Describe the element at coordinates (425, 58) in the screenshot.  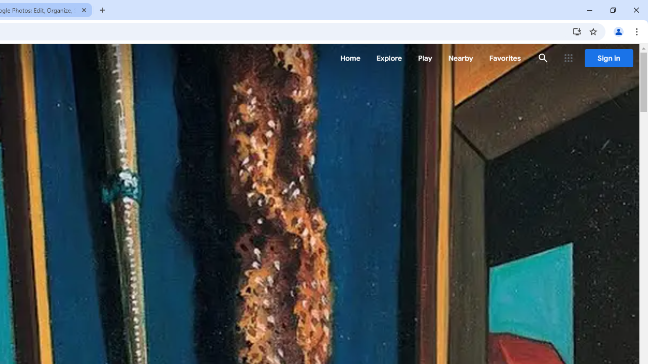
I see `'Play'` at that location.